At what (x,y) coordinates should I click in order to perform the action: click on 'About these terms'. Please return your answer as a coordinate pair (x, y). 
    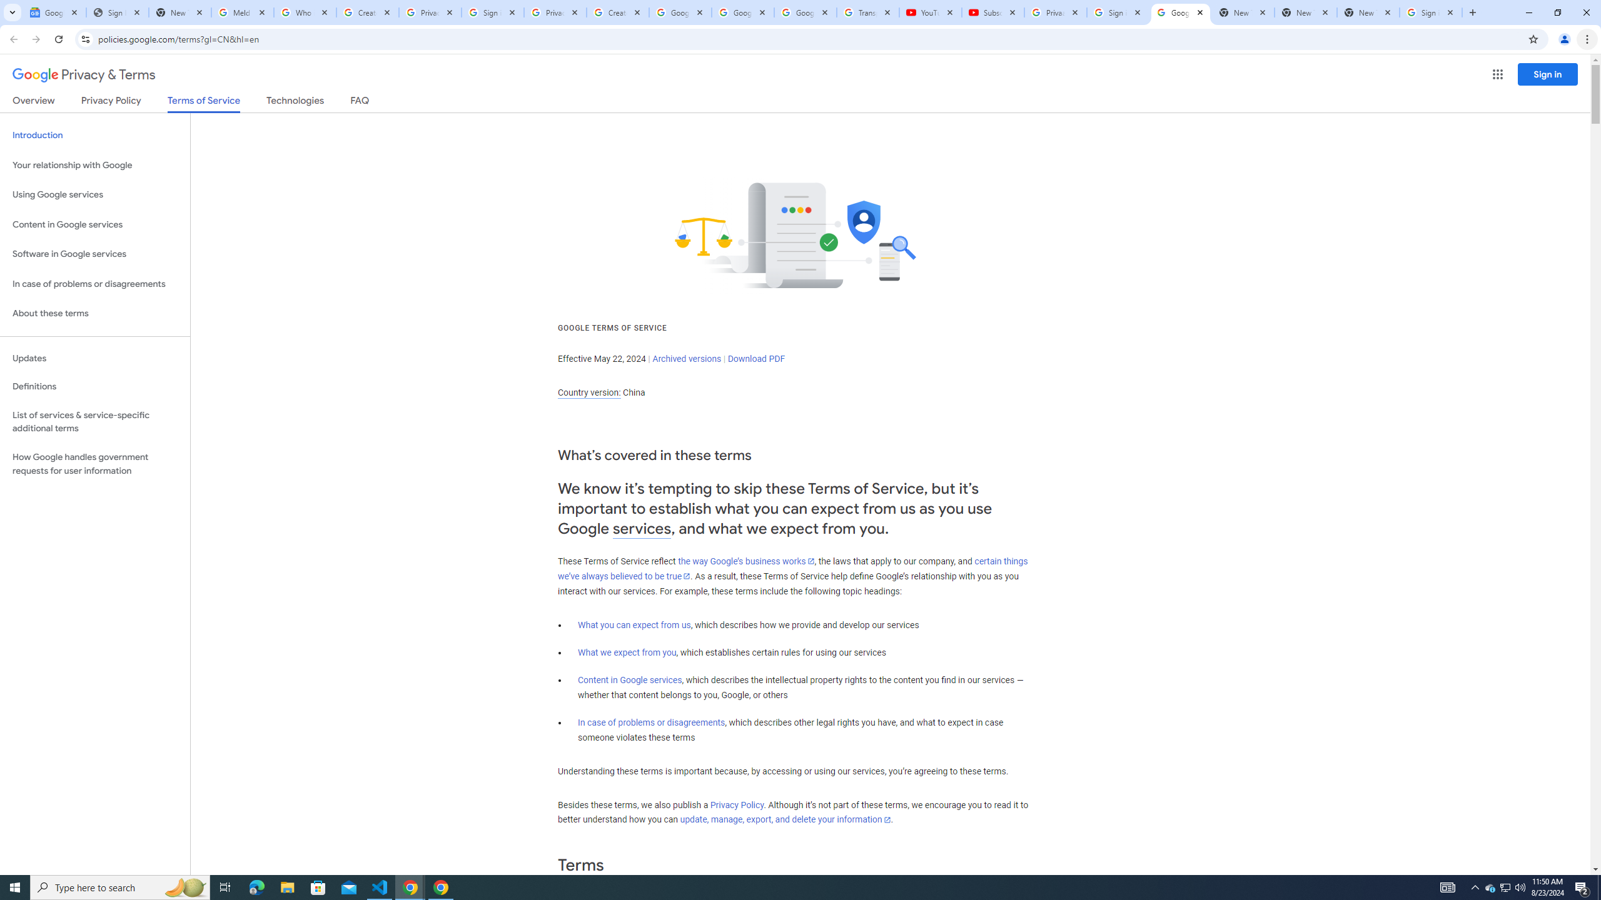
    Looking at the image, I should click on (94, 313).